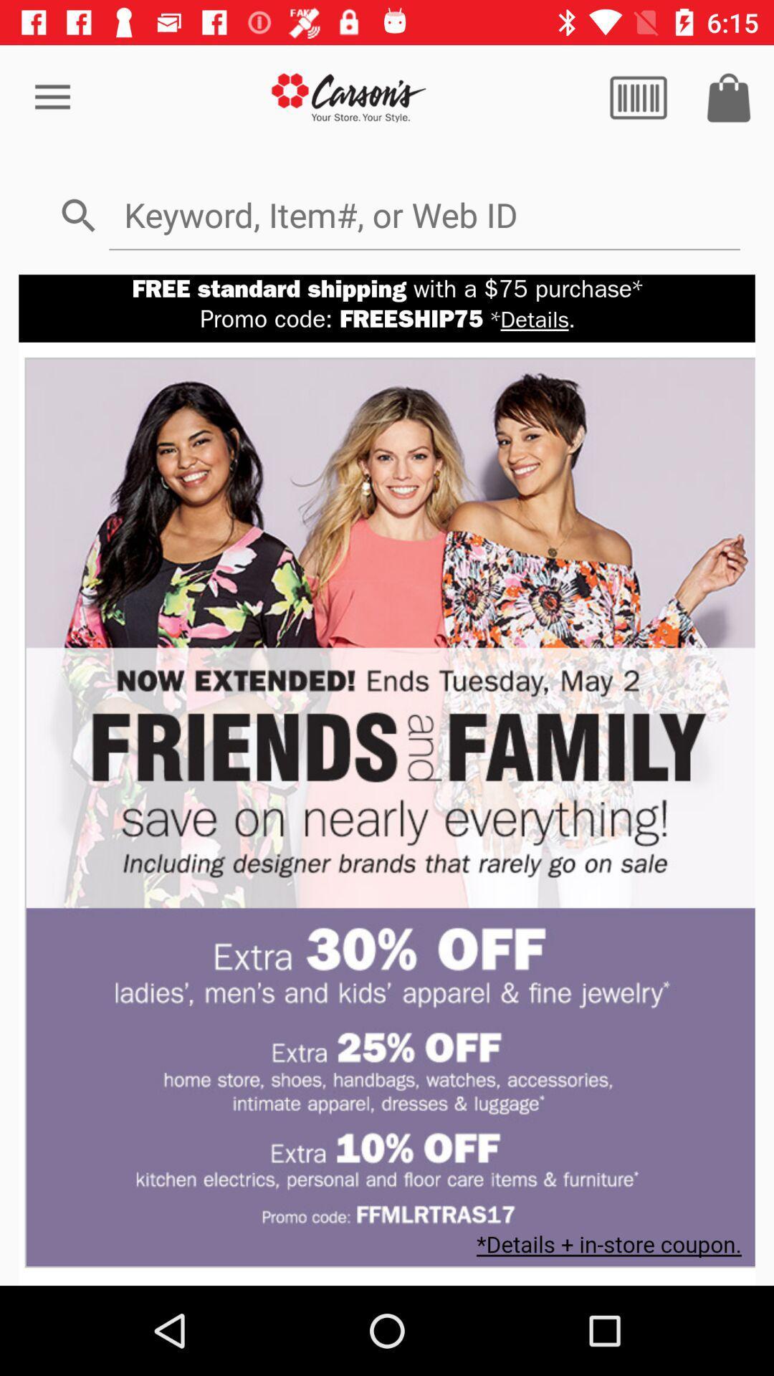  I want to click on viwe, so click(638, 97).